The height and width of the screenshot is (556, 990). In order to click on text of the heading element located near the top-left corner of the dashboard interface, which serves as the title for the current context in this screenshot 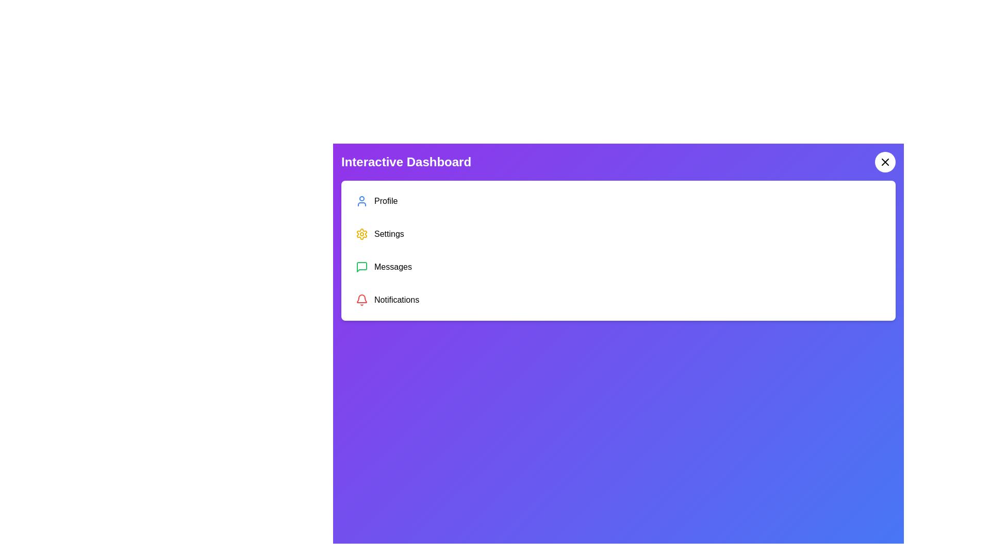, I will do `click(405, 162)`.